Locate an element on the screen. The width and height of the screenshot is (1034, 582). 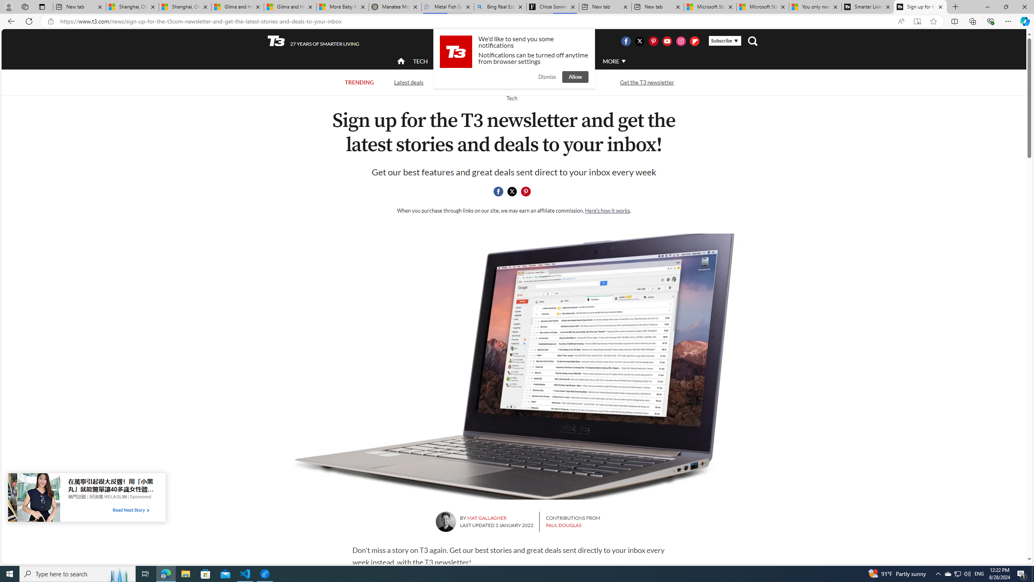
'Streaming TV and movies' is located at coordinates (559, 82).